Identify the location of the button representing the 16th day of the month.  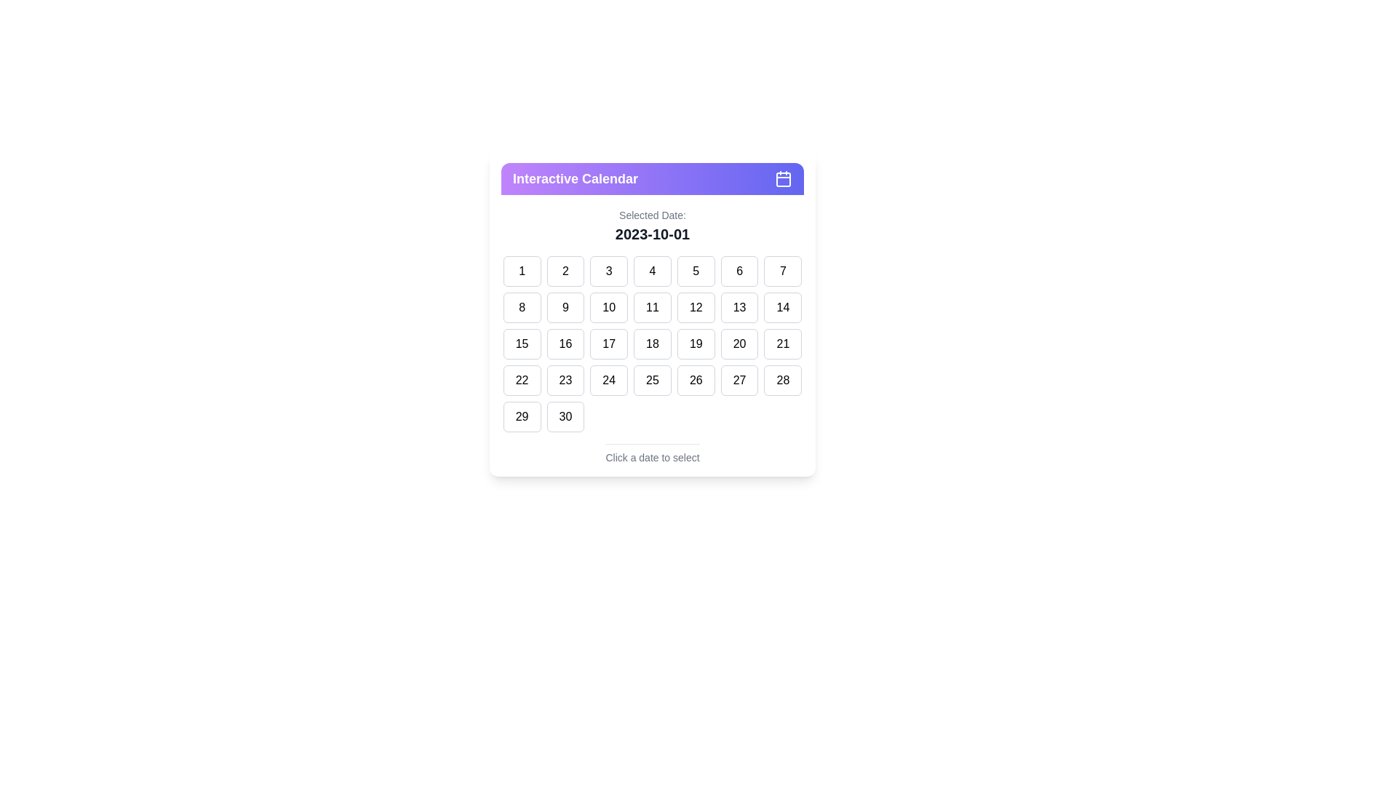
(565, 344).